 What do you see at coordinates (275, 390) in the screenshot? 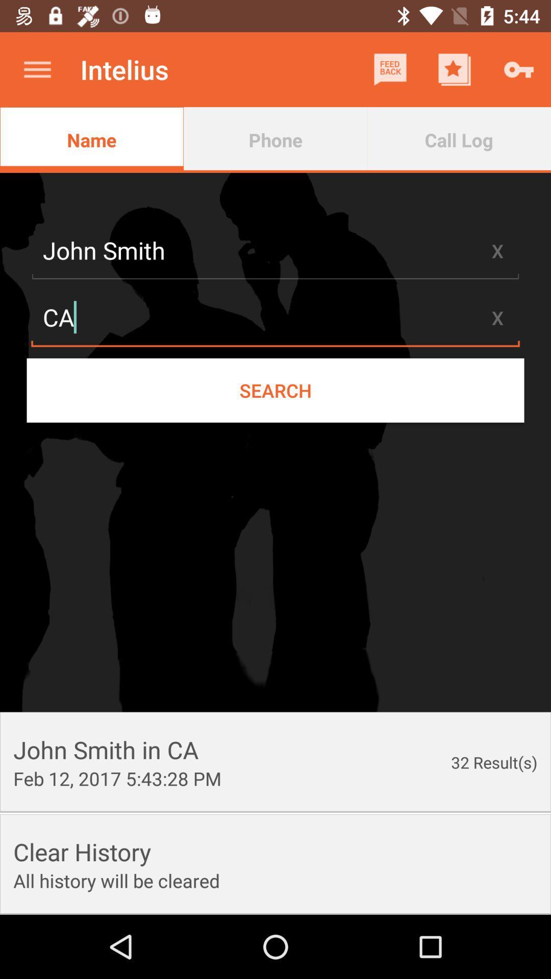
I see `the search button` at bounding box center [275, 390].